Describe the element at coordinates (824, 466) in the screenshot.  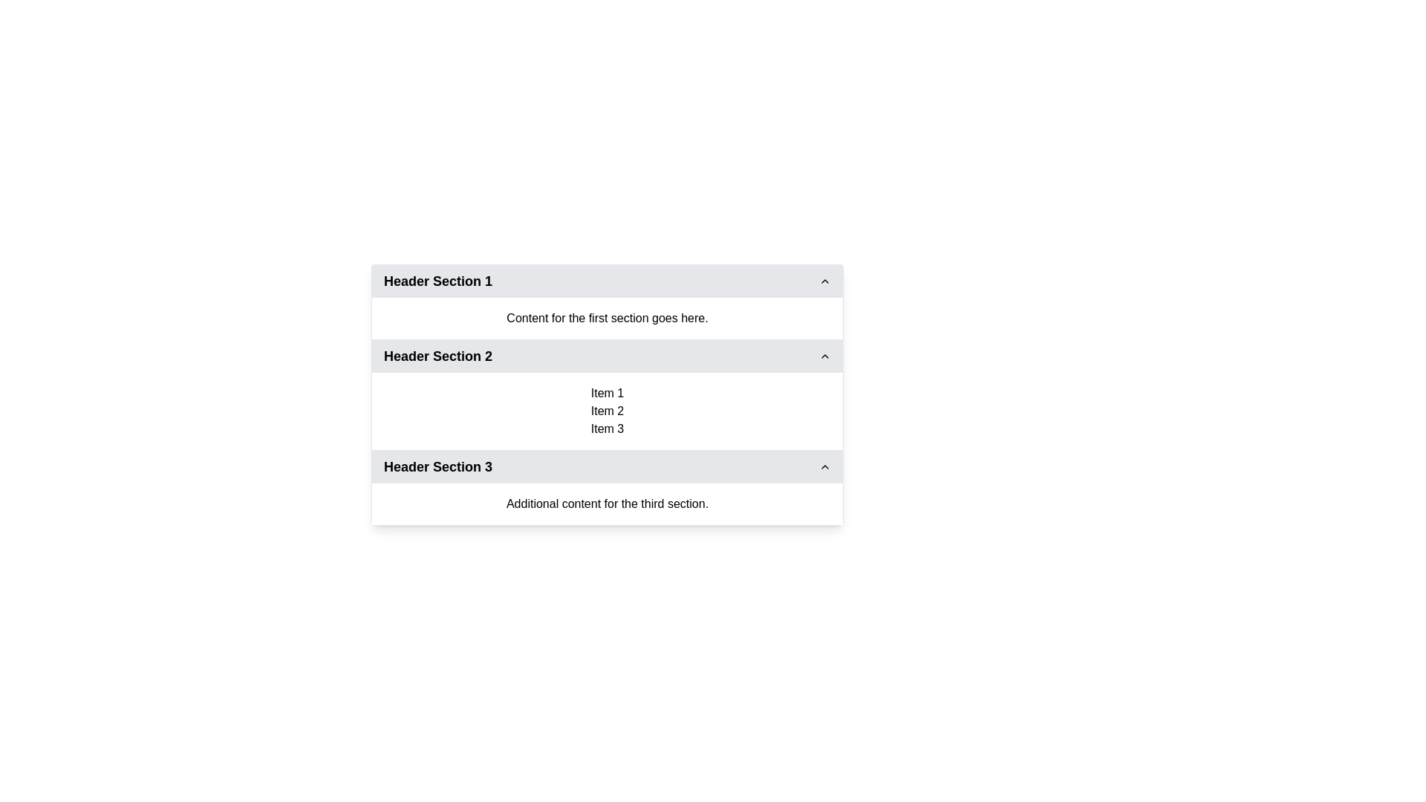
I see `the chevron-up icon located at the far right of the header for 'Header Section 3'` at that location.